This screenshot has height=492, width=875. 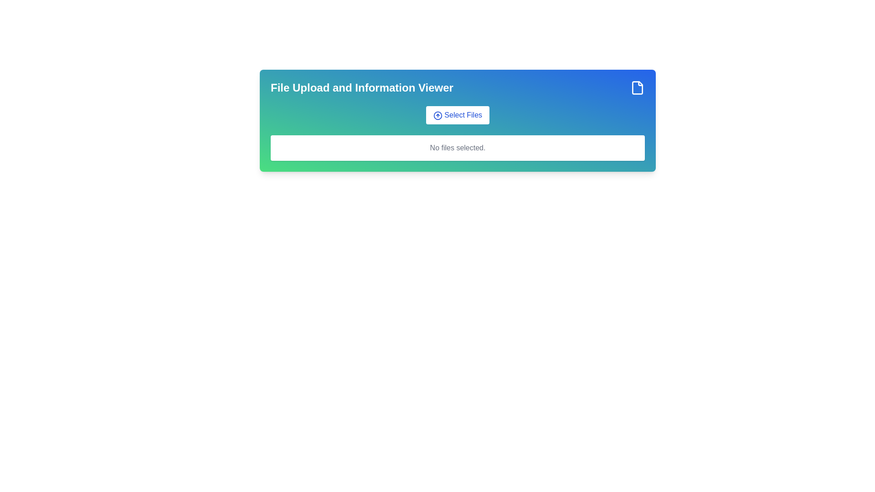 What do you see at coordinates (437, 115) in the screenshot?
I see `the file upload icon located inside the 'Select Files' button, to the left of the button text` at bounding box center [437, 115].